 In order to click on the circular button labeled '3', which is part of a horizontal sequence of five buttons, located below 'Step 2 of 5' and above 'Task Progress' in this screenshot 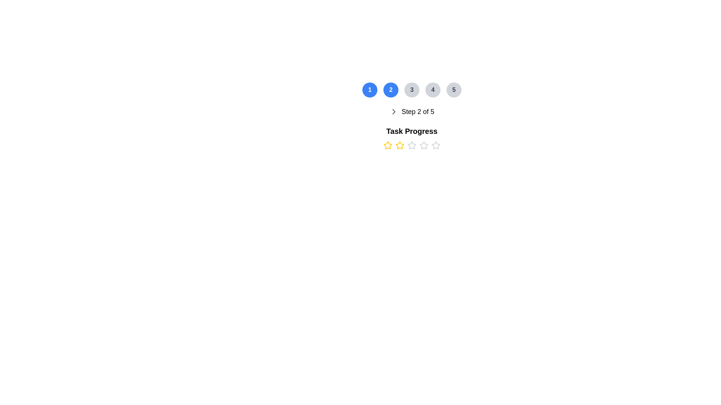, I will do `click(412, 89)`.